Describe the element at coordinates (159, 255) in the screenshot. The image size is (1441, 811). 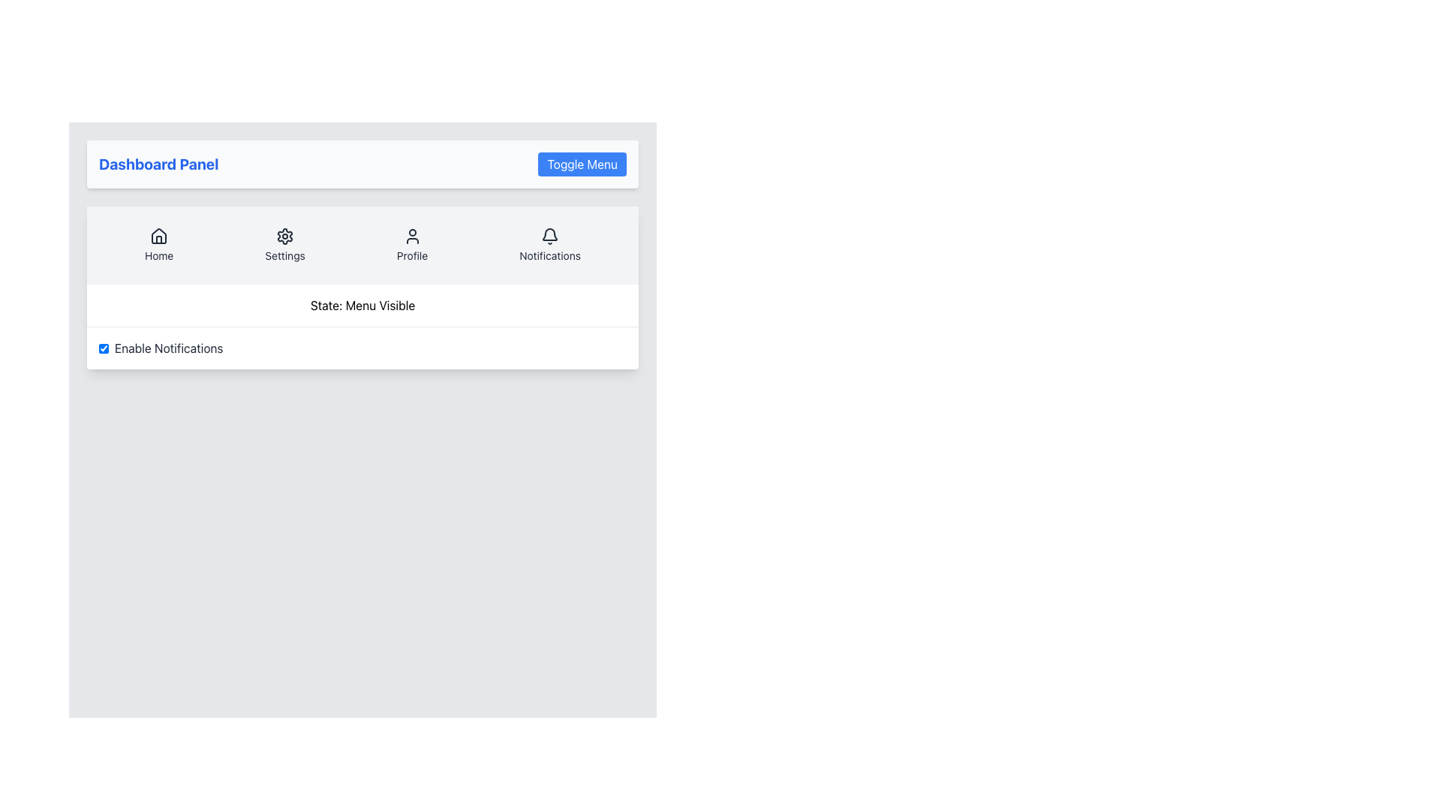
I see `the 'Home' text label located below the house-shaped icon in the top menu section of the navigation buttons` at that location.